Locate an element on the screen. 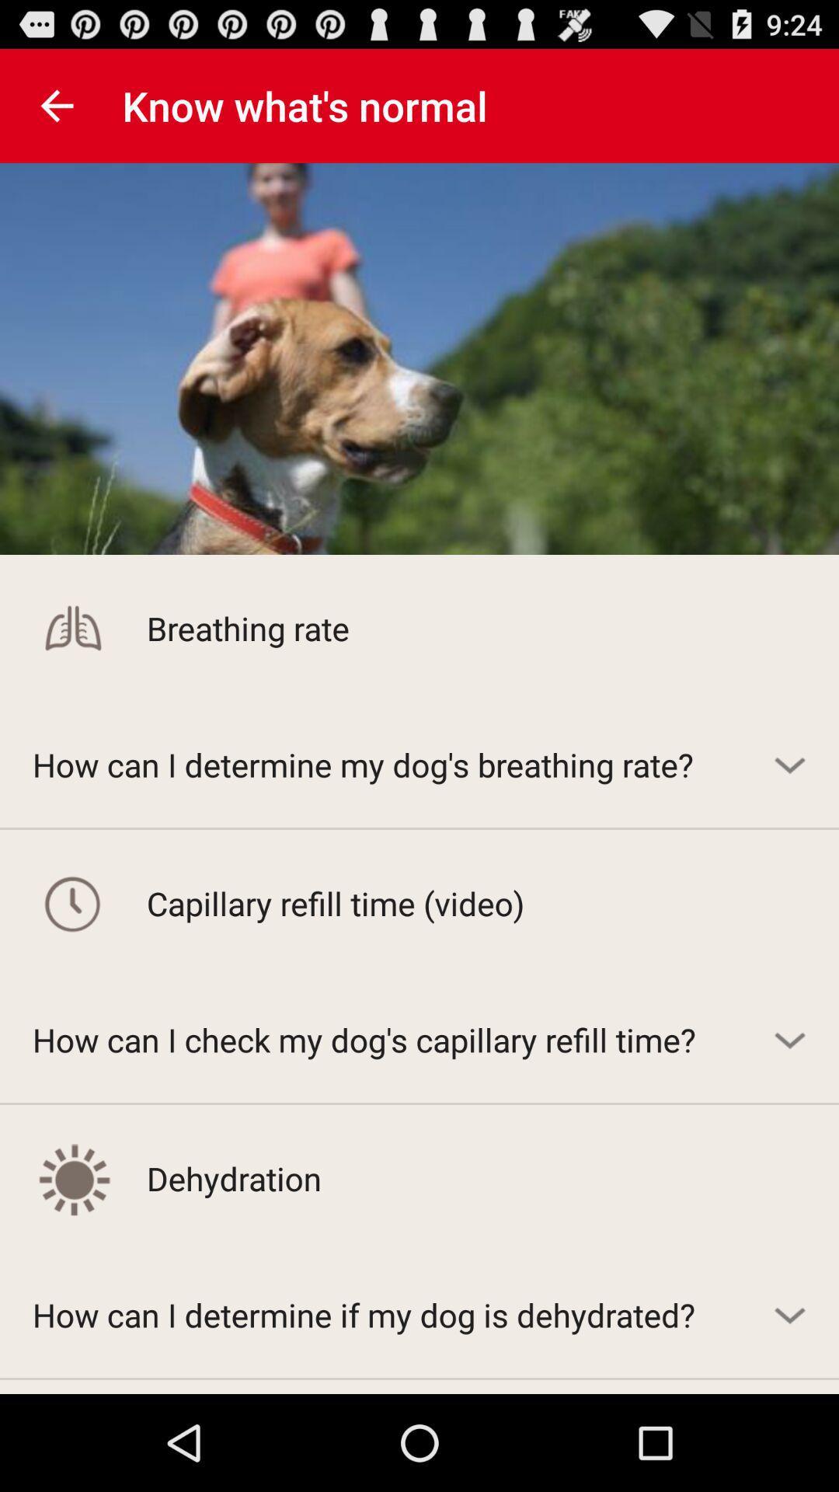 The image size is (839, 1492). app next to the know what s app is located at coordinates (56, 105).